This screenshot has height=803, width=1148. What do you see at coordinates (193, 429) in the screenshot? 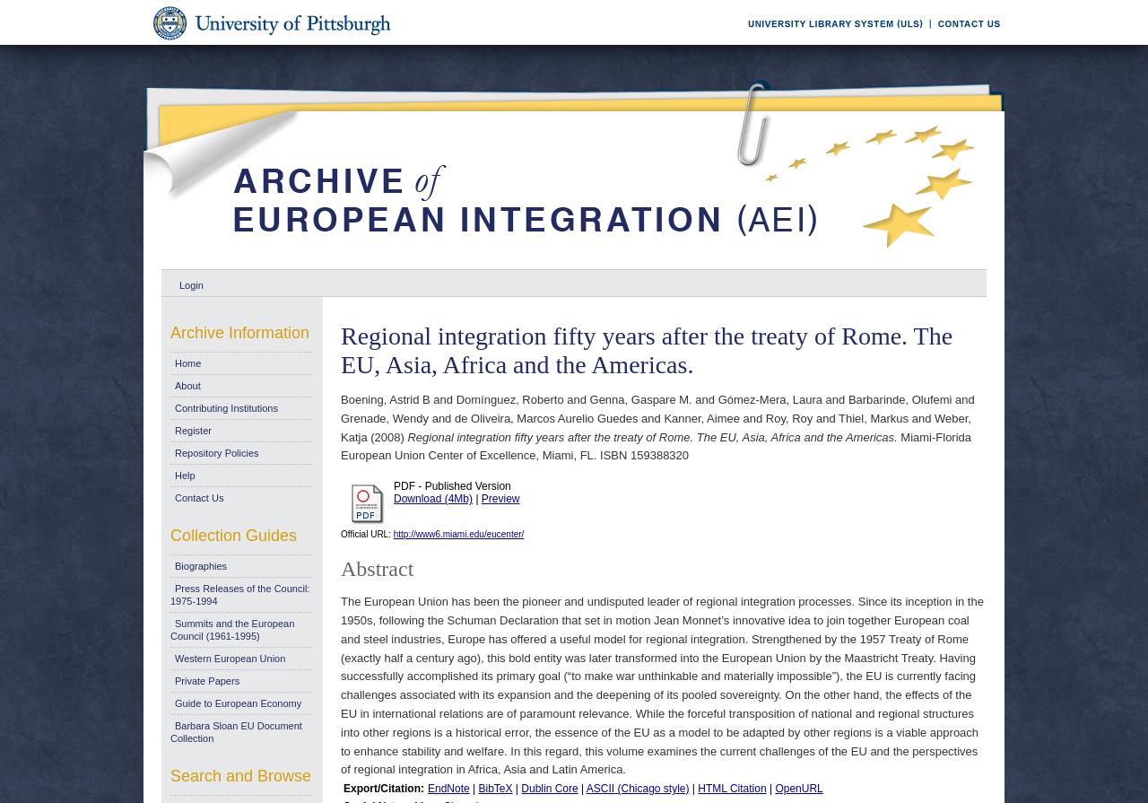
I see `'Register'` at bounding box center [193, 429].